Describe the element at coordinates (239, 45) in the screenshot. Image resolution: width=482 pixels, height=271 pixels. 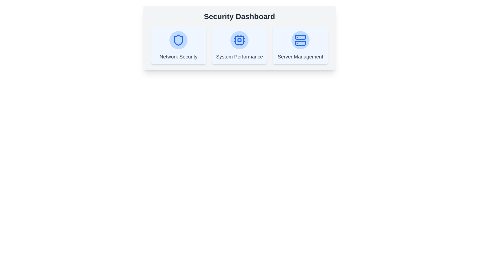
I see `the 'System Performance' Informative card element, which features a blue CPU icon and bold text, located in the middle of the three-card grid layout under the 'Security Dashboard'` at that location.